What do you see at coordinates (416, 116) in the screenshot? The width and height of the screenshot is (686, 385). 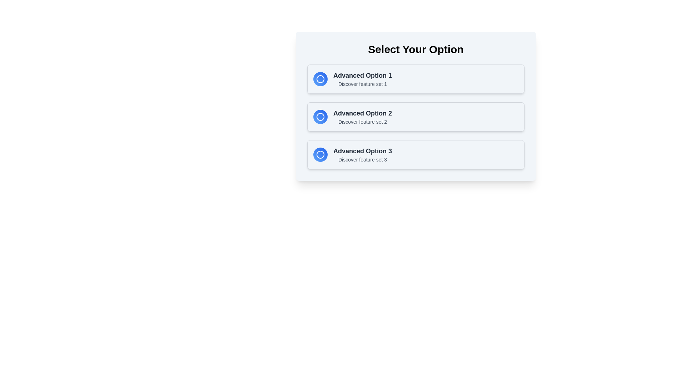 I see `the second selectable option in the list under the 'Select Your Option' section` at bounding box center [416, 116].